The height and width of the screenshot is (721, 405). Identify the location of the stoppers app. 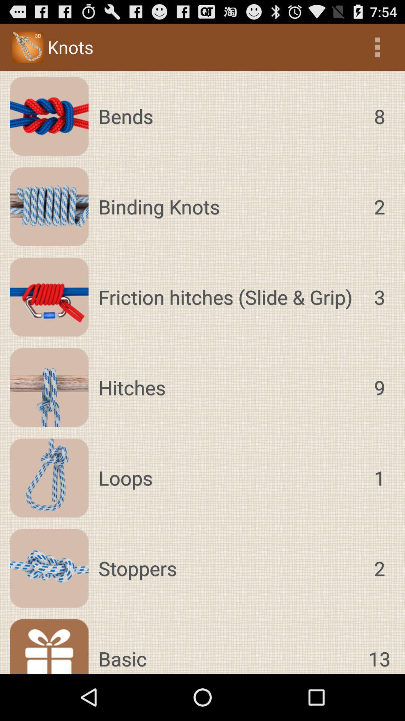
(228, 568).